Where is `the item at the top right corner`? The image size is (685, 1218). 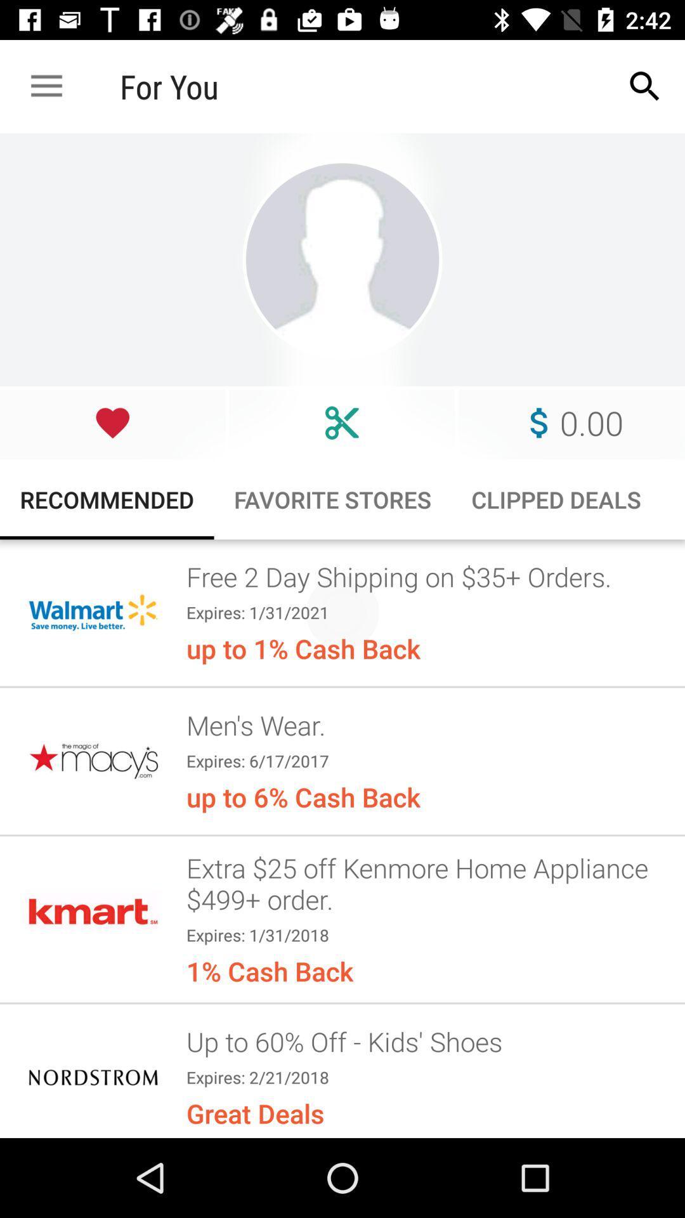
the item at the top right corner is located at coordinates (645, 86).